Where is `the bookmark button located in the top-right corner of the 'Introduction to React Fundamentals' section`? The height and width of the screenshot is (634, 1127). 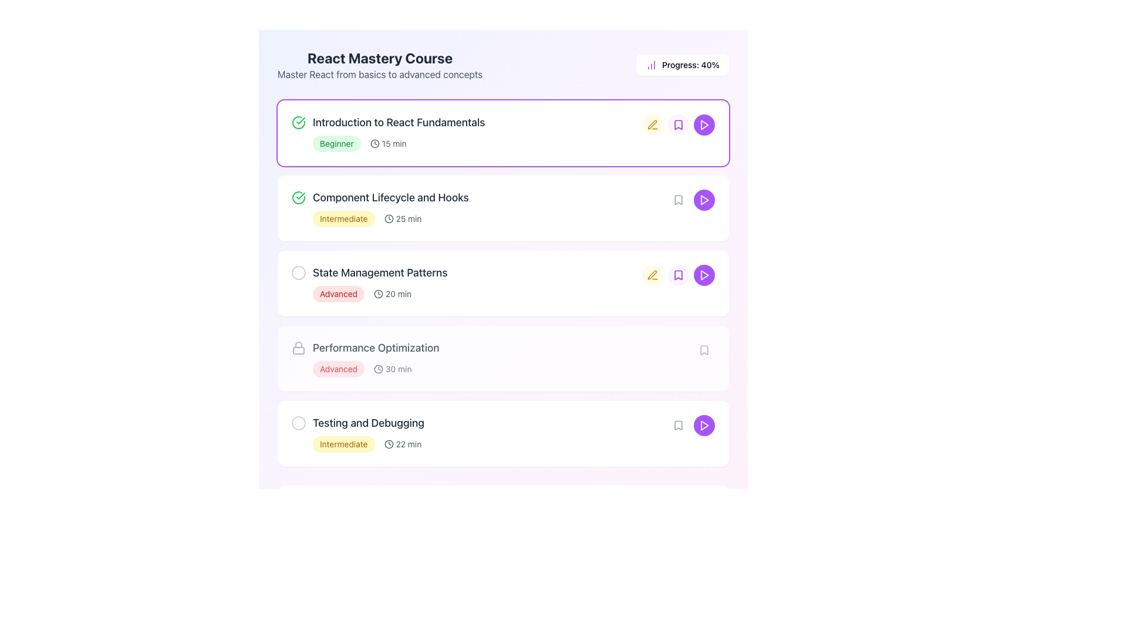 the bookmark button located in the top-right corner of the 'Introduction to React Fundamentals' section is located at coordinates (679, 124).